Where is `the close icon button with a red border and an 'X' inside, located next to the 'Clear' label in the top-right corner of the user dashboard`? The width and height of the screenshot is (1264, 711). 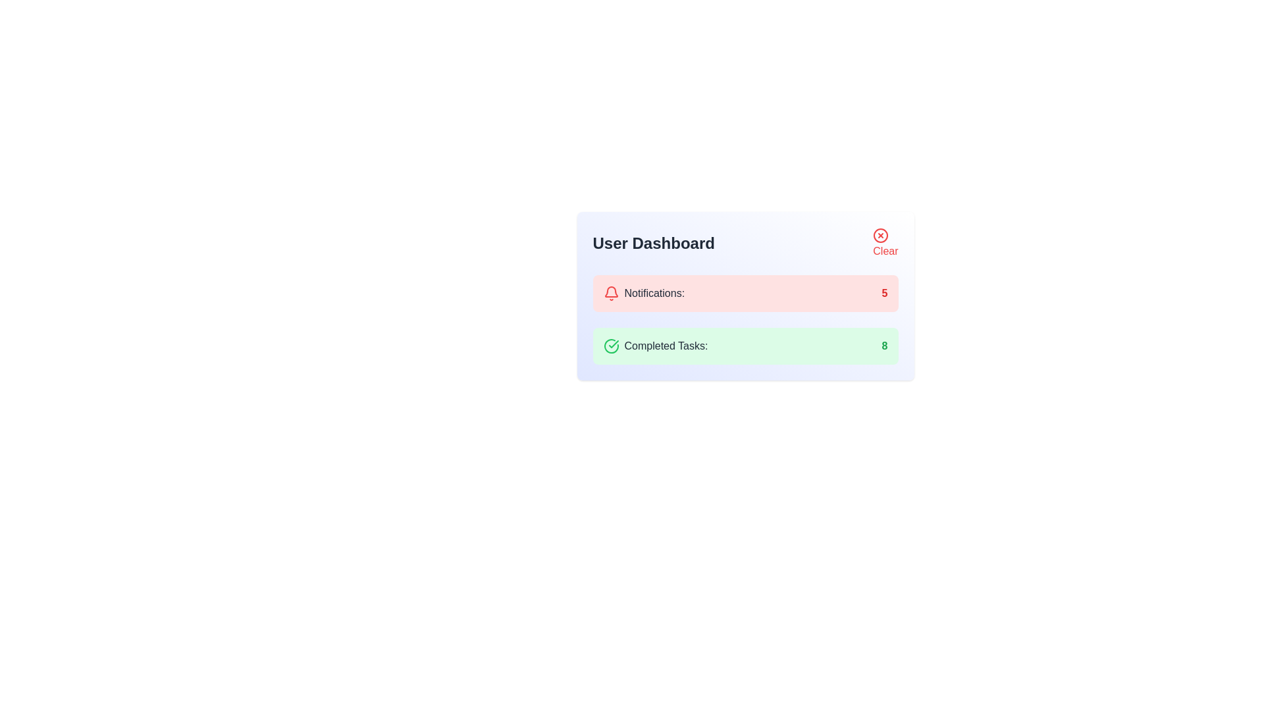
the close icon button with a red border and an 'X' inside, located next to the 'Clear' label in the top-right corner of the user dashboard is located at coordinates (881, 235).